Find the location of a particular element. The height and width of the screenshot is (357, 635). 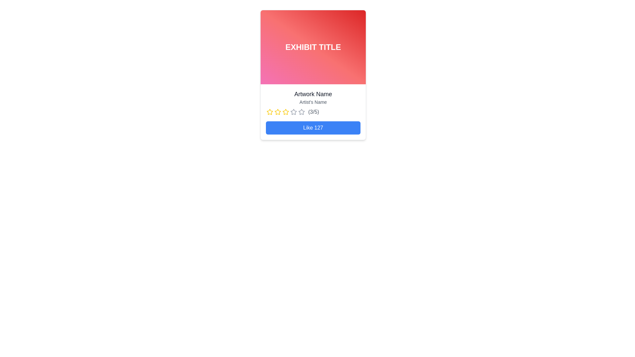

the static text element displaying 'Artist's Name', which is styled in a smaller gray font and positioned between the artwork title and rating stars is located at coordinates (313, 102).